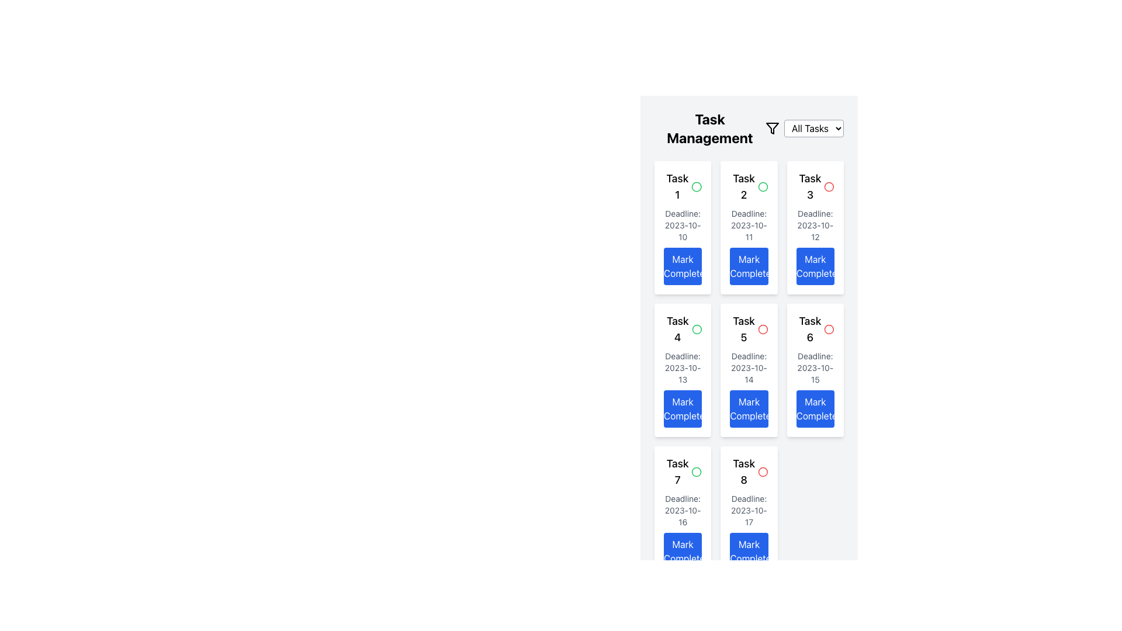 The width and height of the screenshot is (1122, 631). Describe the element at coordinates (677, 329) in the screenshot. I see `the 'Task 4' text label, which is located in the fourth task box in the task management grid layout and signifies an important title` at that location.